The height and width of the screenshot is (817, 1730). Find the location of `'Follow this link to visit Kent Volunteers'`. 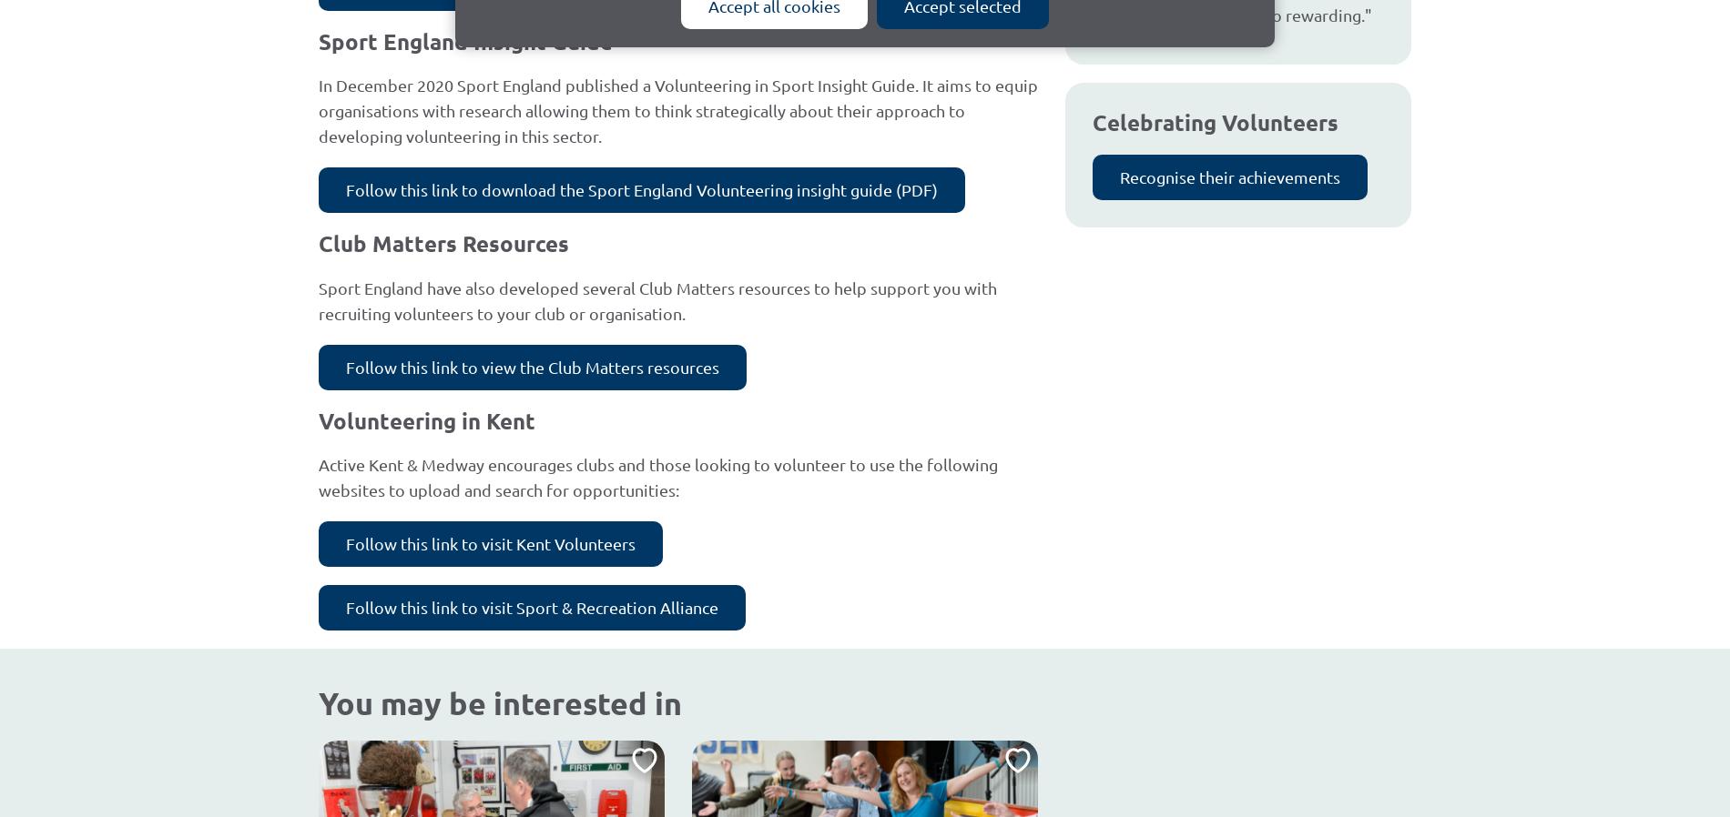

'Follow this link to visit Kent Volunteers' is located at coordinates (491, 542).